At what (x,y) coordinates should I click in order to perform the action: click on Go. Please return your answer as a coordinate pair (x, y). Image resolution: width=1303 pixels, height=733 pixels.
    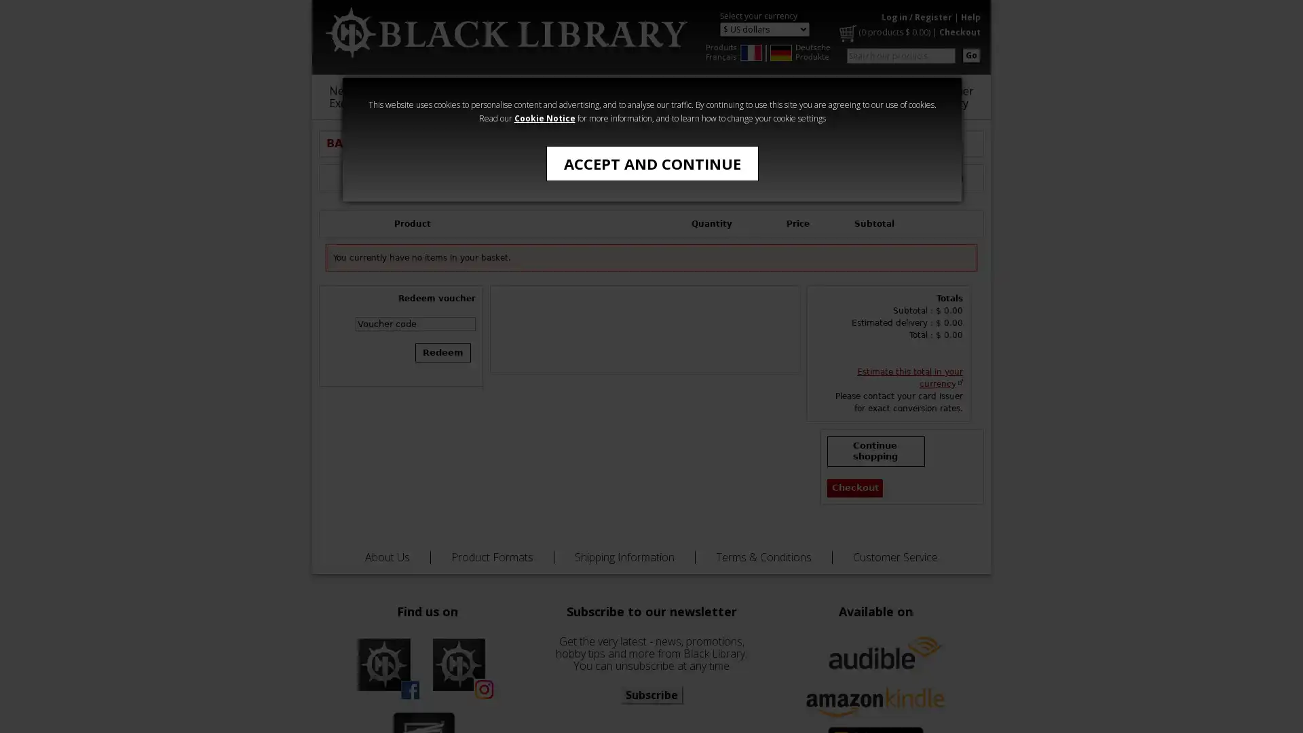
    Looking at the image, I should click on (970, 54).